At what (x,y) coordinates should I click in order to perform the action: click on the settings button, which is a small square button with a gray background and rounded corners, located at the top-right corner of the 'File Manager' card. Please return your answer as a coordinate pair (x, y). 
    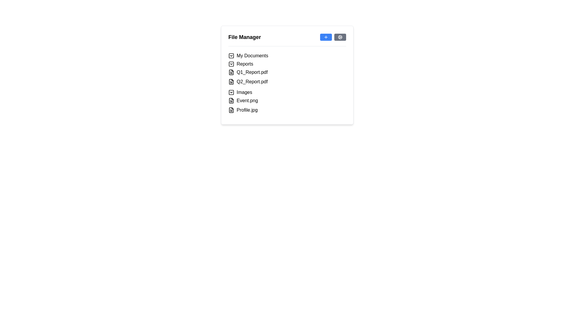
    Looking at the image, I should click on (340, 37).